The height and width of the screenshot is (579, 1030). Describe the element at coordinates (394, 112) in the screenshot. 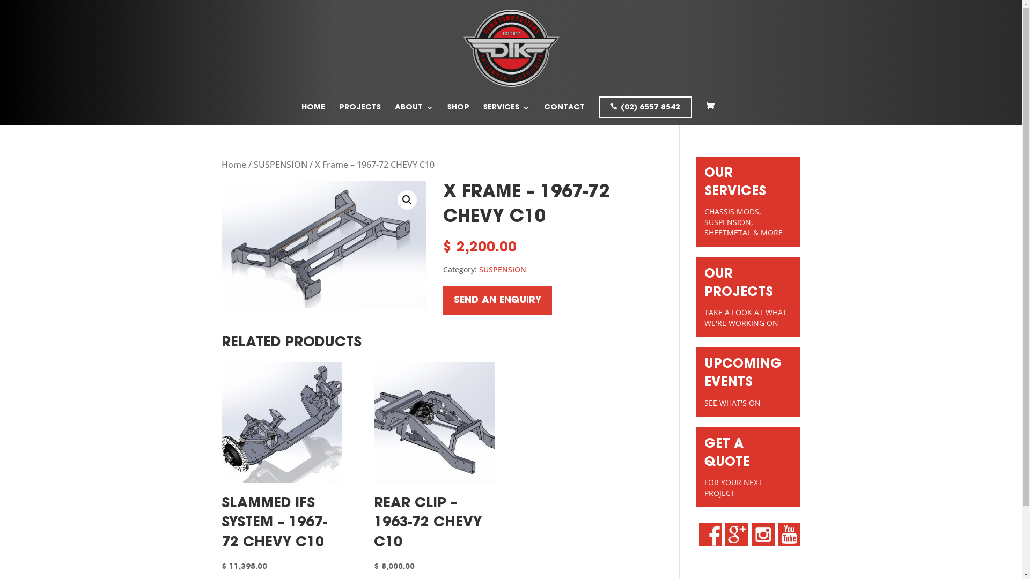

I see `'ABOUT'` at that location.